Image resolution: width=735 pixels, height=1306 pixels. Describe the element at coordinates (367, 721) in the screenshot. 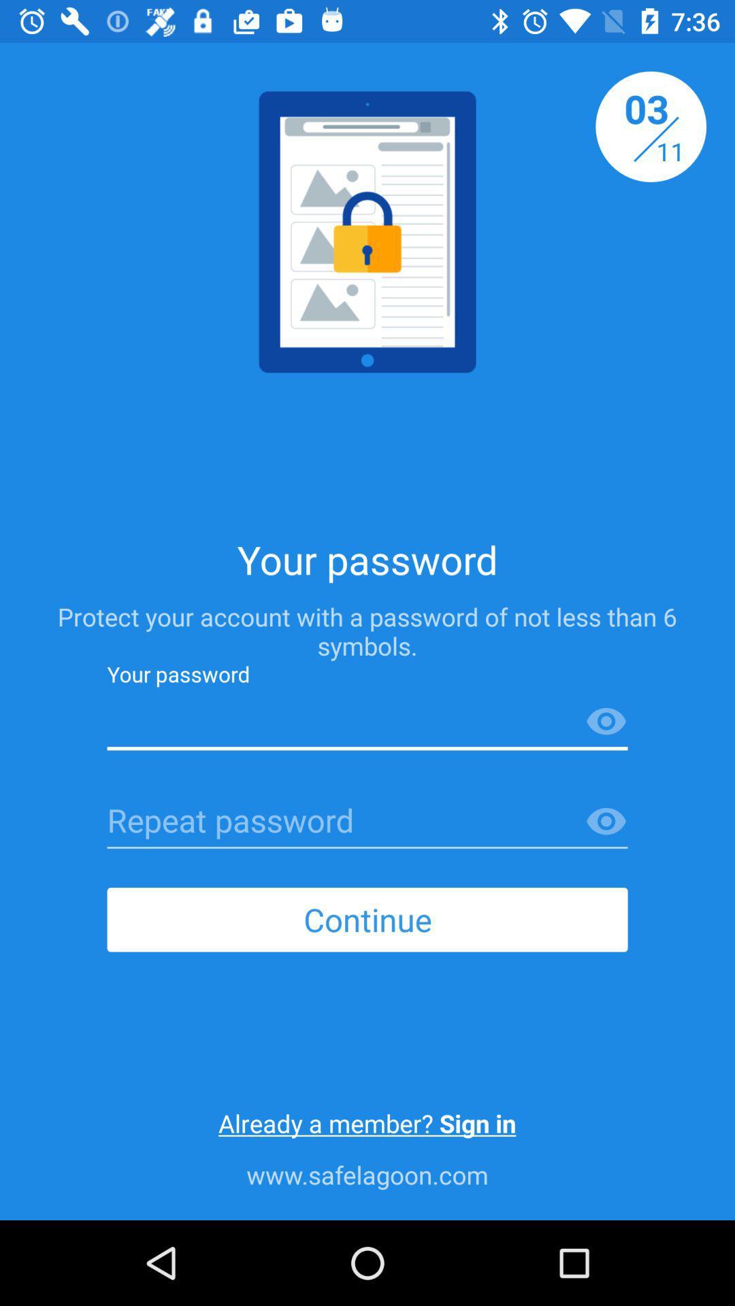

I see `type your password` at that location.